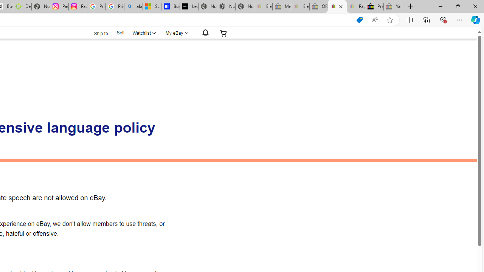 This screenshot has height=272, width=484. Describe the element at coordinates (459, 19) in the screenshot. I see `'Settings and more (Alt+F)'` at that location.